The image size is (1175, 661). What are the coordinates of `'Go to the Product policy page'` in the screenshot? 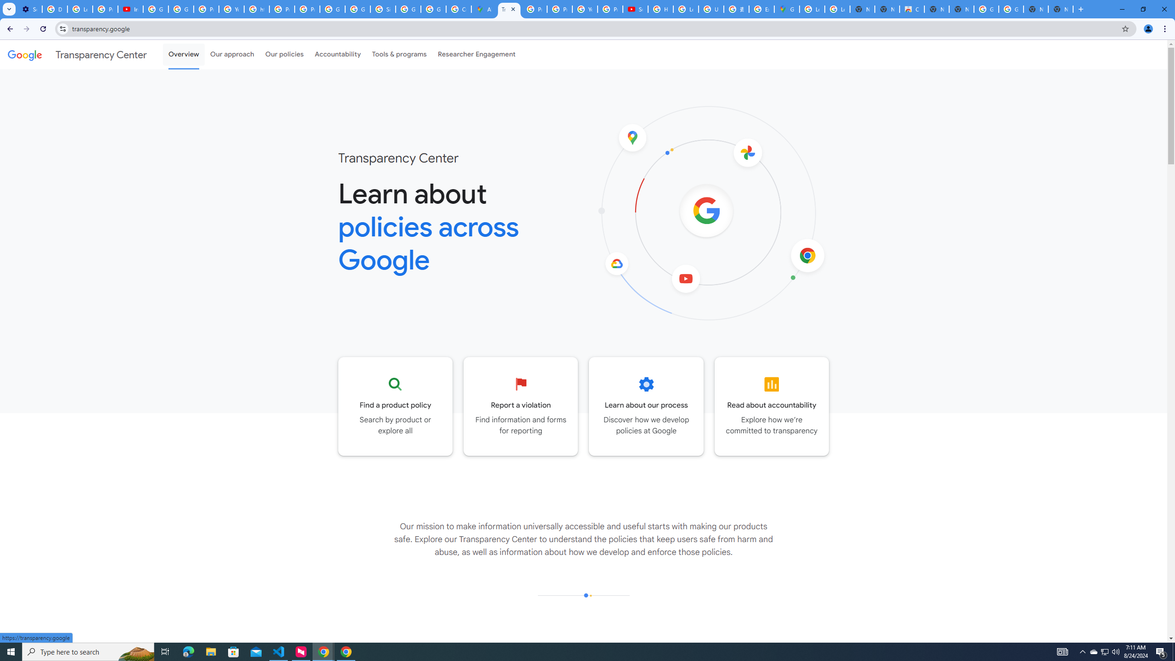 It's located at (395, 406).